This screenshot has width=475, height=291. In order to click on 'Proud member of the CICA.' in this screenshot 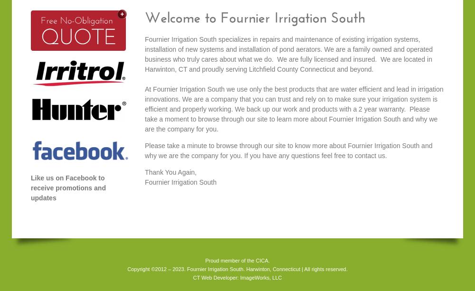, I will do `click(237, 260)`.